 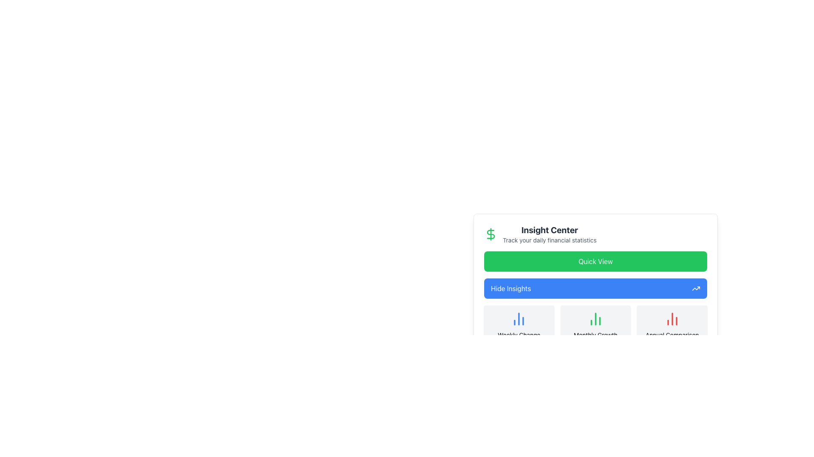 I want to click on the static text element that provides supplementary information regarding the 'Insight Center' feature, located immediately below the 'Insight Center' title, so click(x=549, y=240).